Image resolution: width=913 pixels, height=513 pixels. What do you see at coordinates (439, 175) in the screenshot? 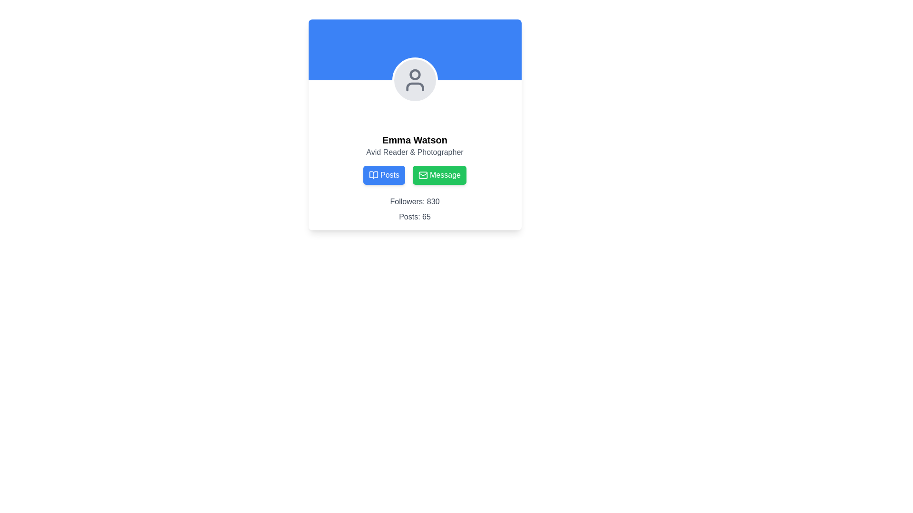
I see `the green rectangular button labeled 'Message' with an envelope icon, located to the right of the 'Posts' button in the profile card structure to initiate messaging` at bounding box center [439, 175].